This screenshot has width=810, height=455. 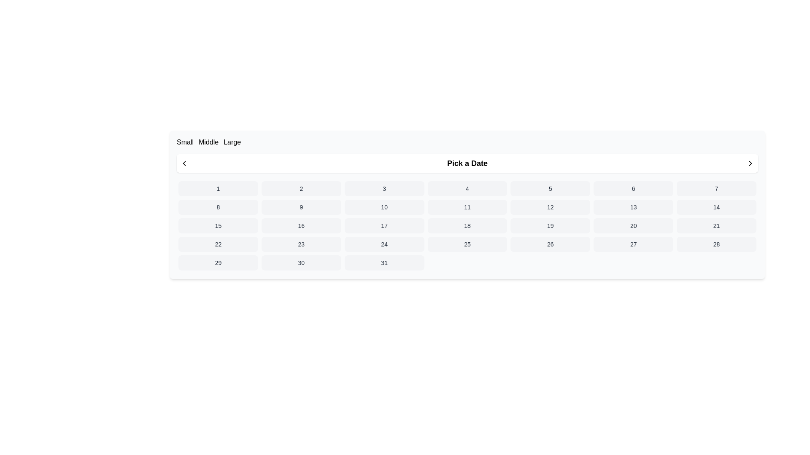 What do you see at coordinates (633, 188) in the screenshot?
I see `the button representing the 6th day in the calendar` at bounding box center [633, 188].